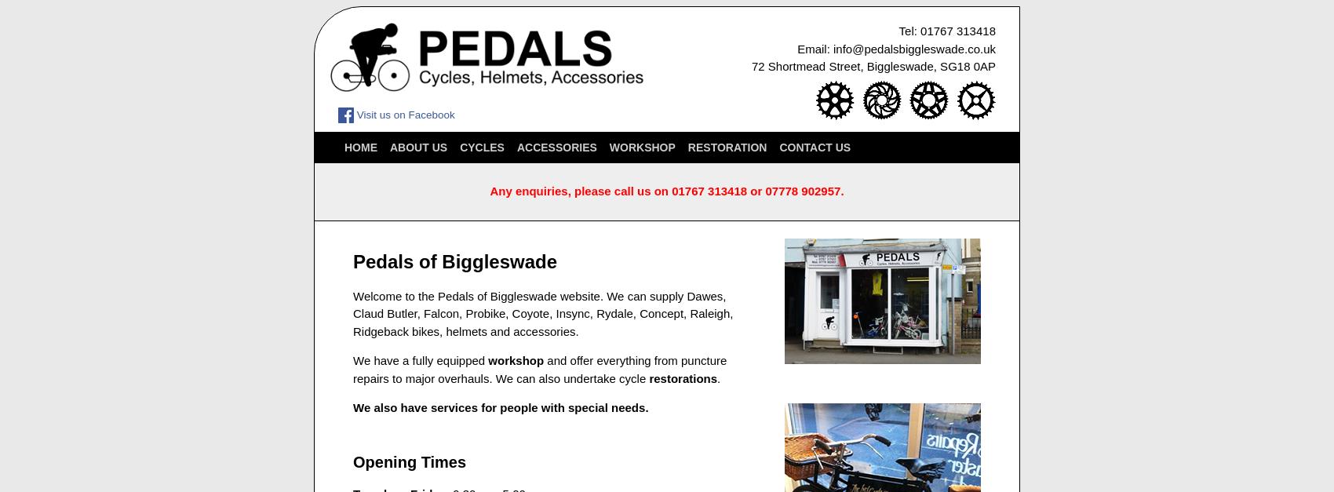 This screenshot has width=1334, height=492. Describe the element at coordinates (352, 359) in the screenshot. I see `'We have a fully equipped'` at that location.